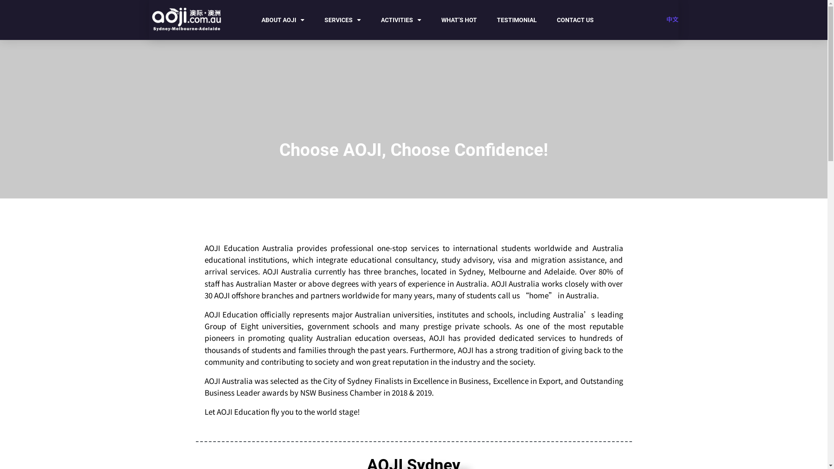 The image size is (834, 469). Describe the element at coordinates (283, 20) in the screenshot. I see `'ABOUT AOJI'` at that location.